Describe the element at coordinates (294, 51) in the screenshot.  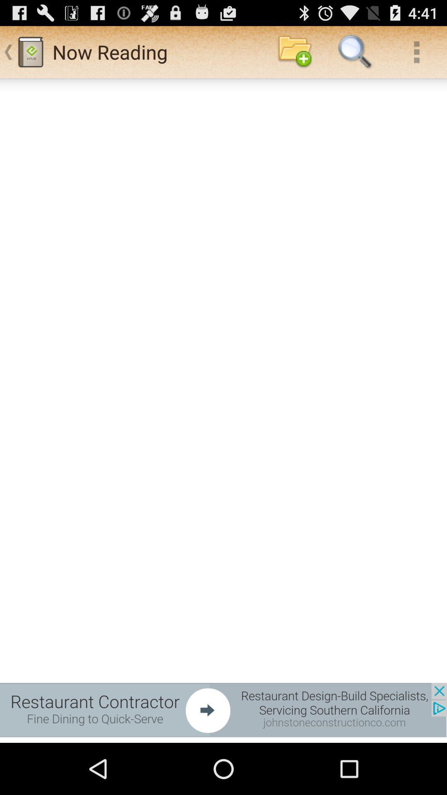
I see `the item to the right of now reading item` at that location.